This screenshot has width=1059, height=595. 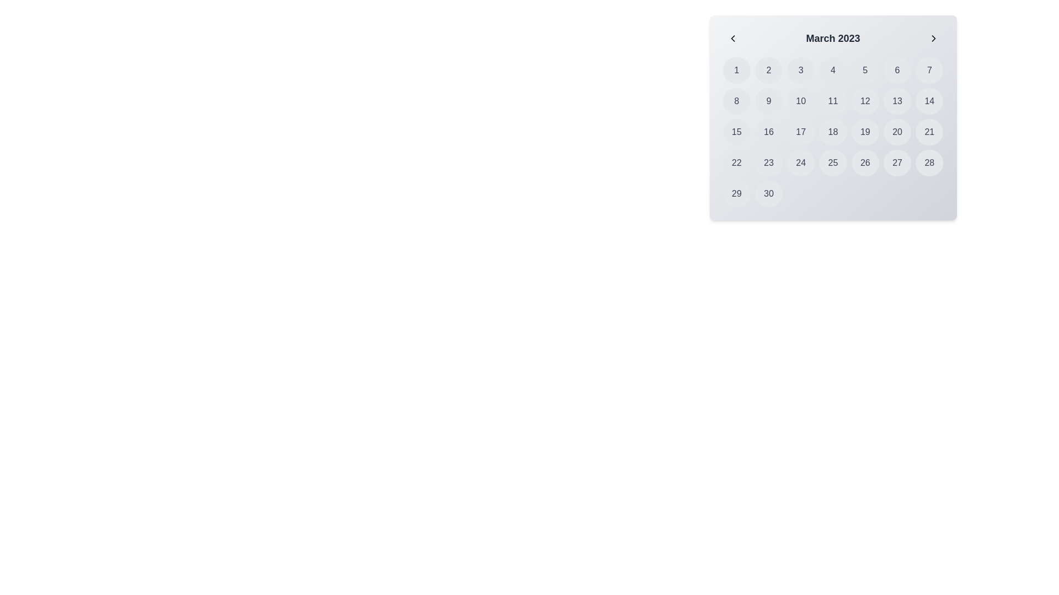 I want to click on the Calendar Date Button displaying the number '29', so click(x=736, y=193).